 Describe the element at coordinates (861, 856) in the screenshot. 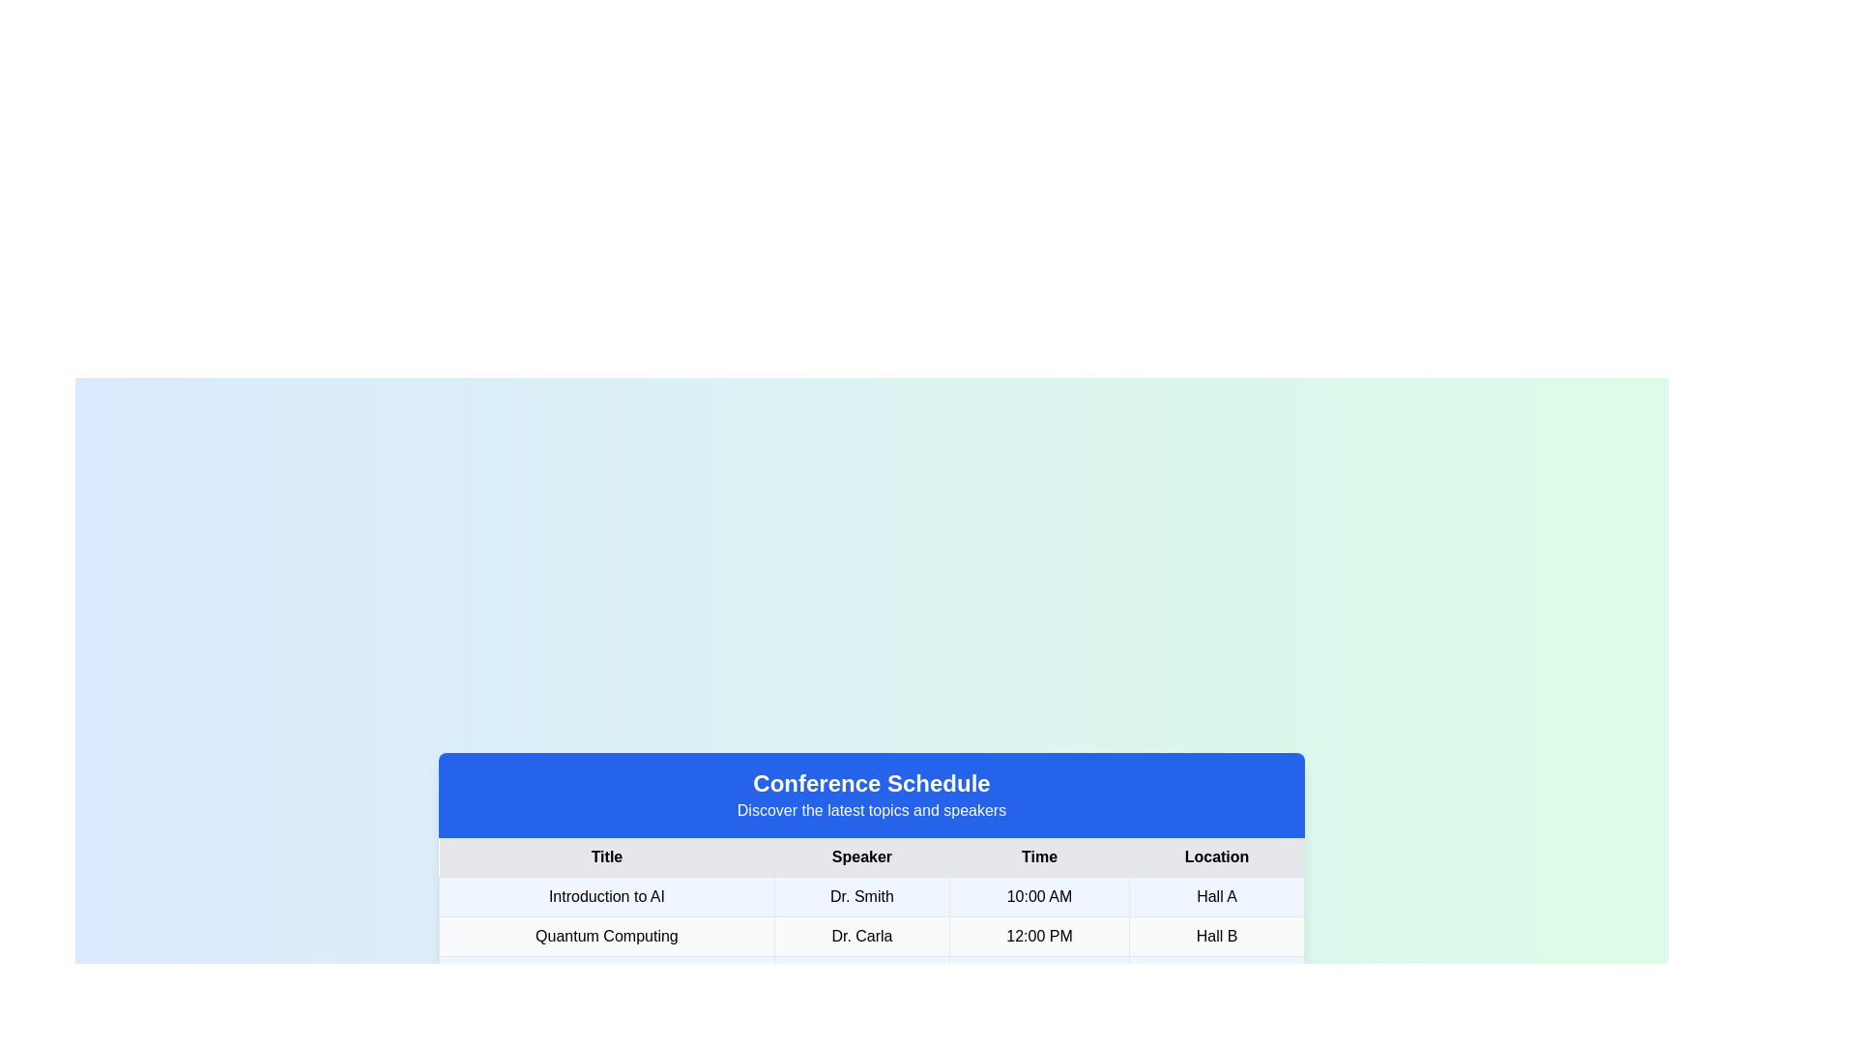

I see `the 'Speaker' text label in bold font located in the table header row, which is the second header directly to the right of the 'Title' header` at that location.